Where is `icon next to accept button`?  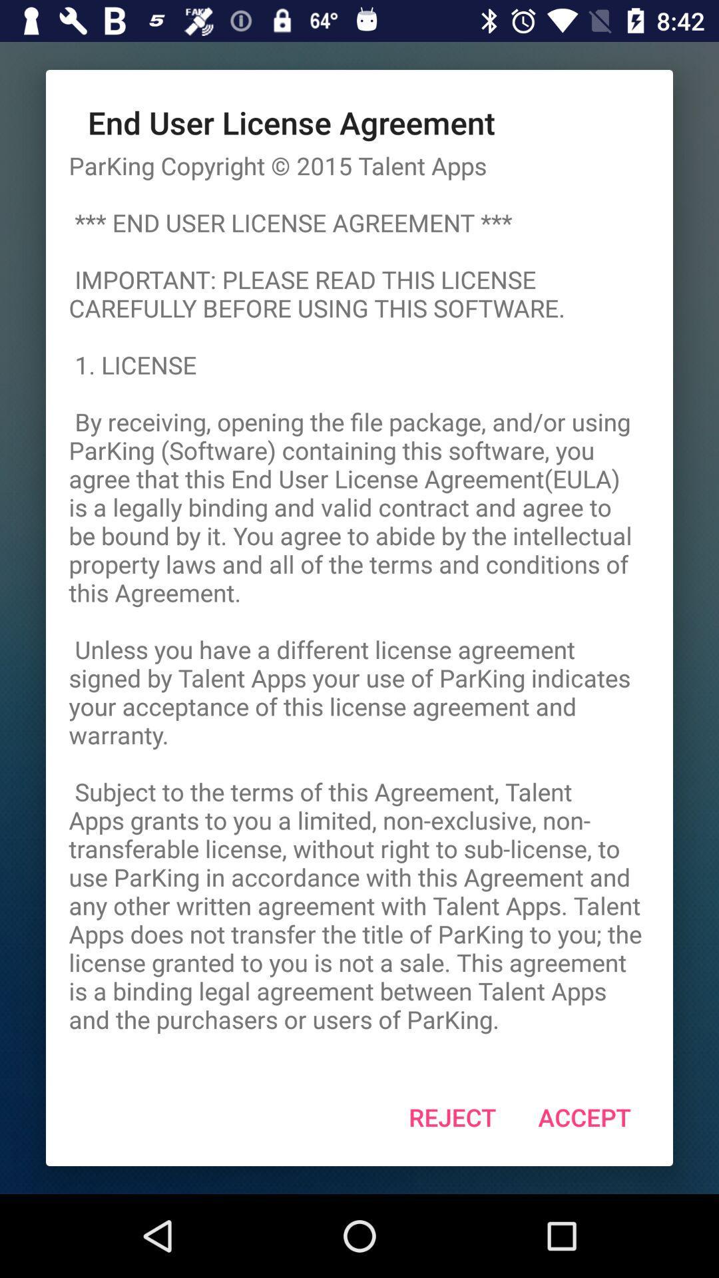
icon next to accept button is located at coordinates (451, 1117).